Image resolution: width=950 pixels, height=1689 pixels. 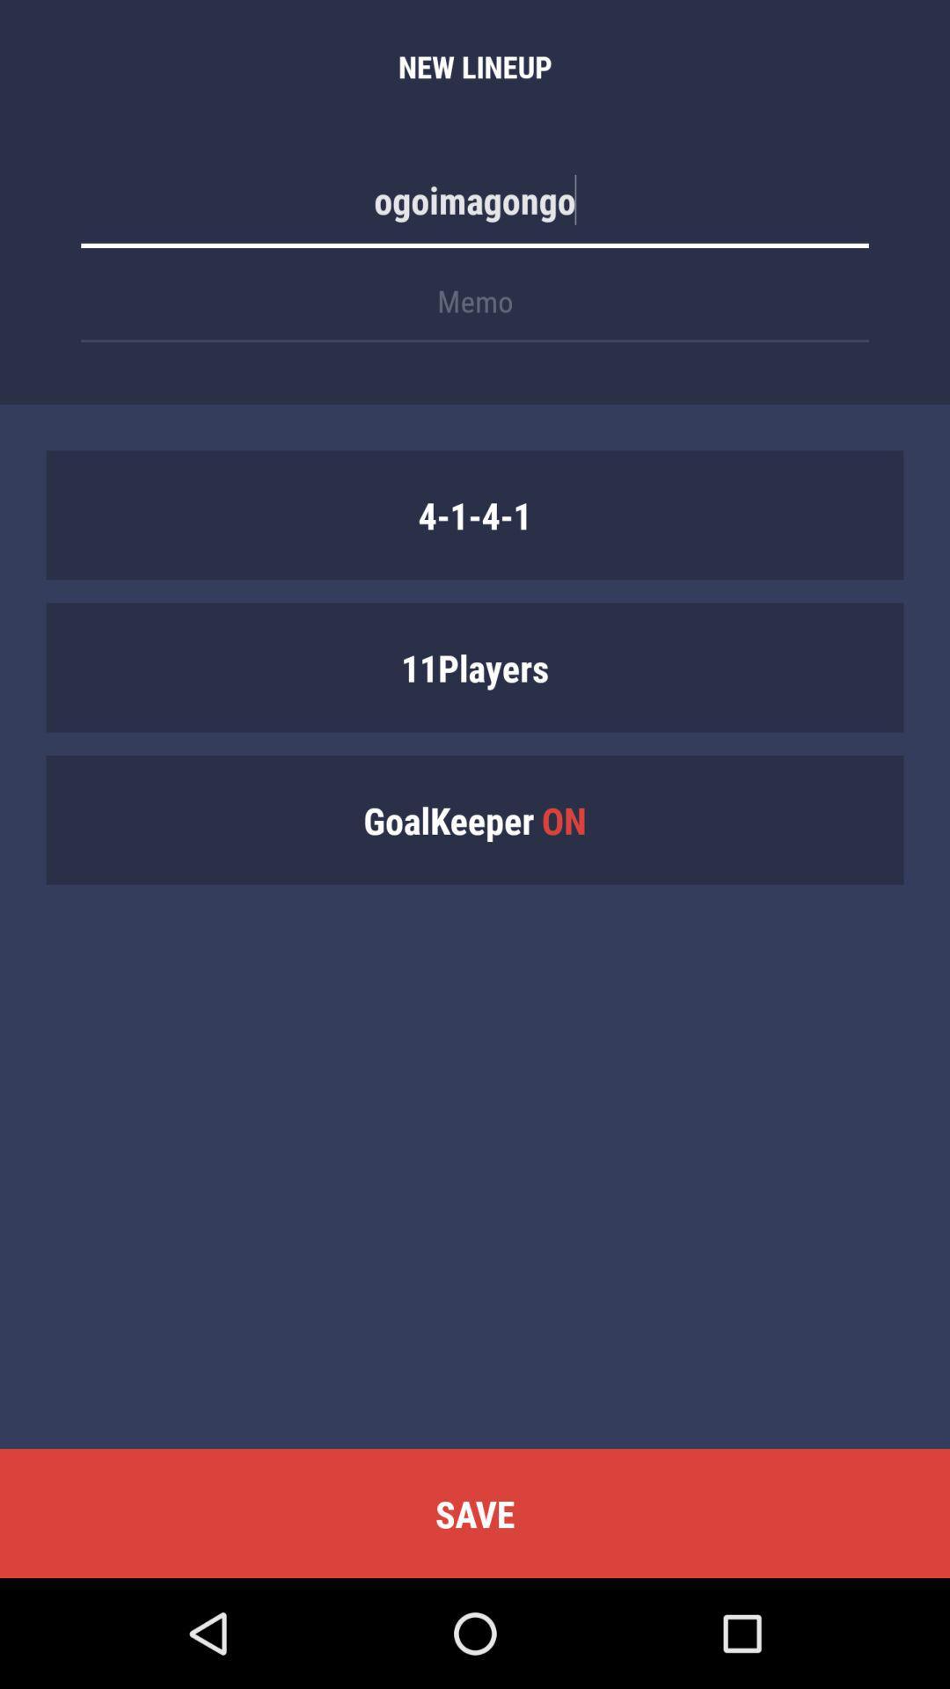 I want to click on the 4 1 4 icon, so click(x=475, y=514).